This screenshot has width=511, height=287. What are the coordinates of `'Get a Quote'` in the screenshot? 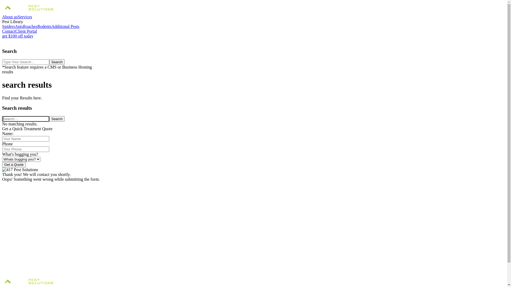 It's located at (2, 164).